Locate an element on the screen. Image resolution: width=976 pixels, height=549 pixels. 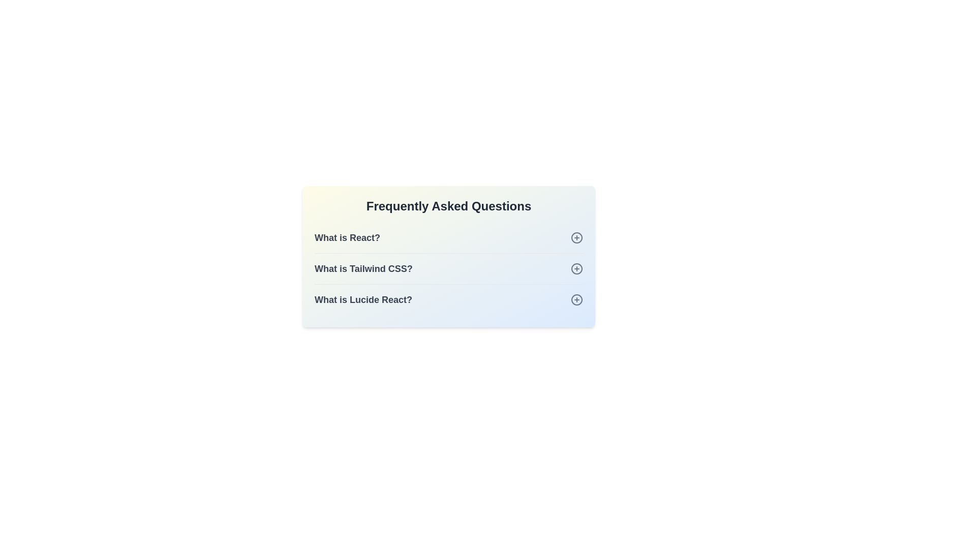
plus icon next to the question What is React? is located at coordinates (576, 237).